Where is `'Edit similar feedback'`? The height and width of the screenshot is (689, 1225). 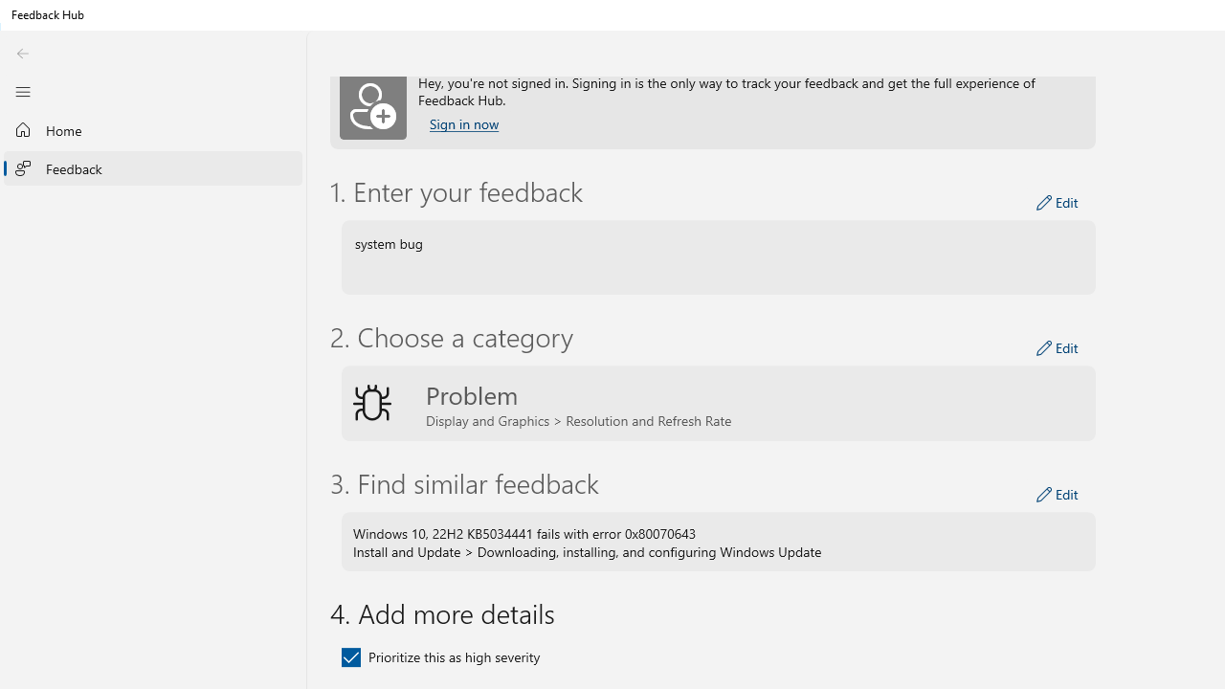
'Edit similar feedback' is located at coordinates (1057, 493).